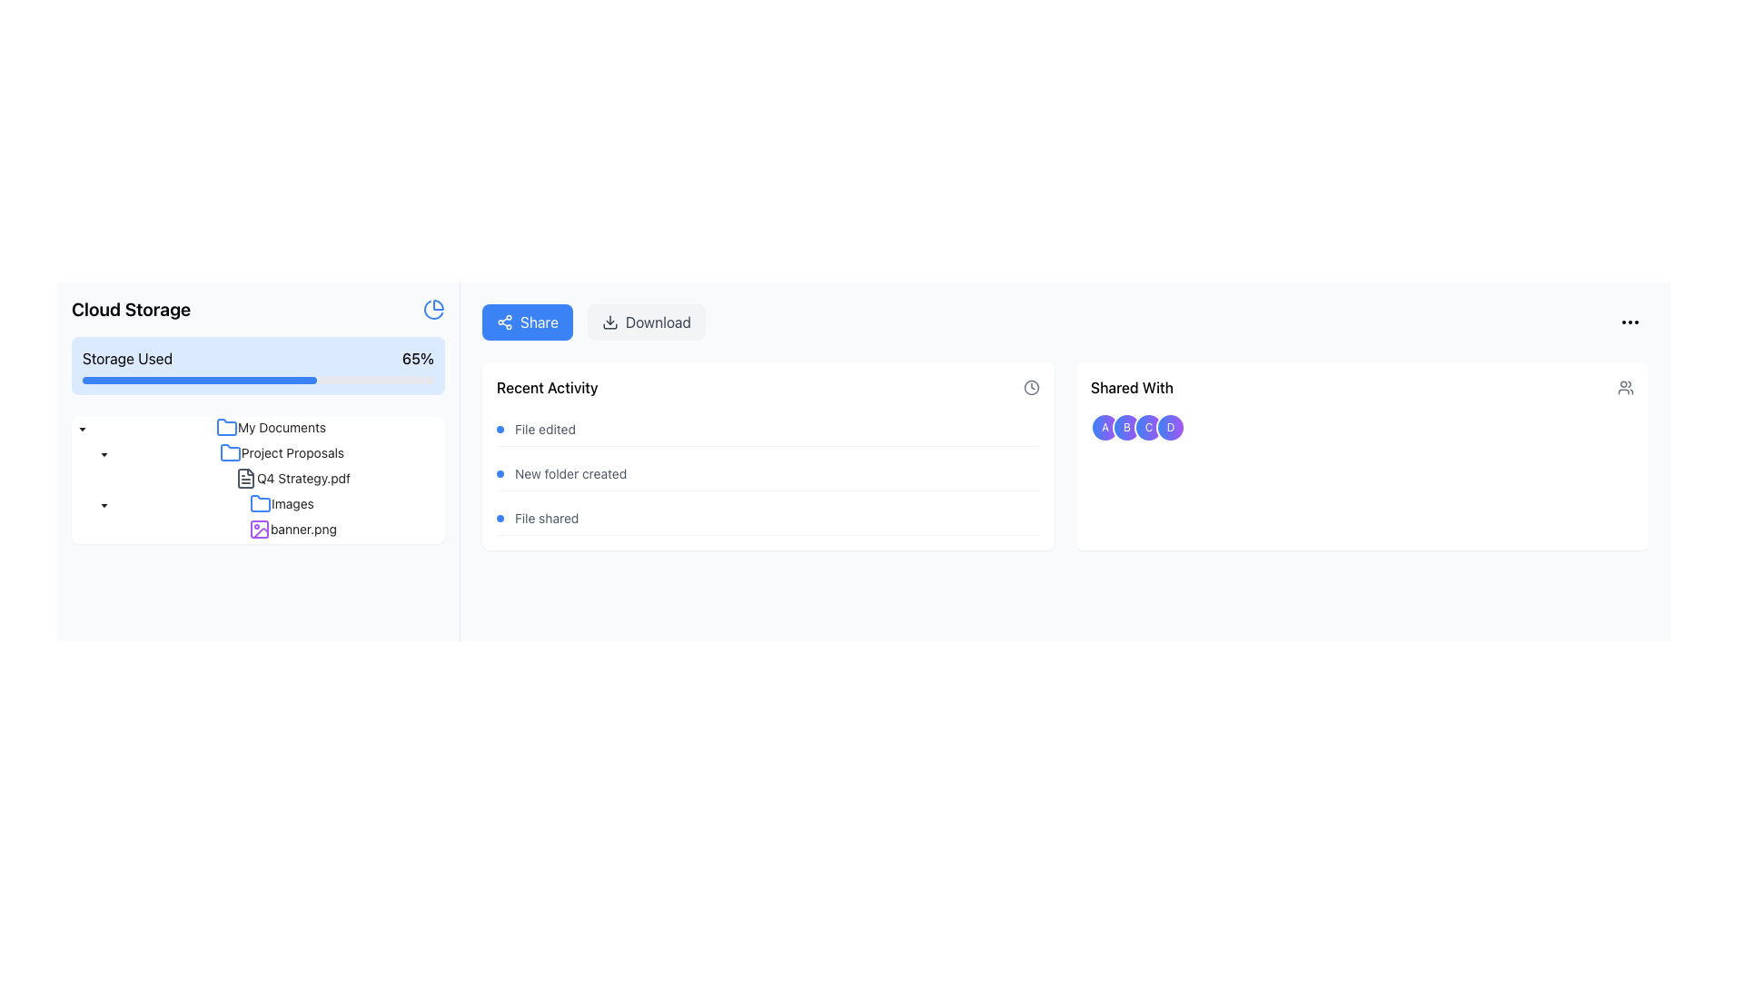  I want to click on the circular icon with a gradient background labeled 'C' in the 'Shared With' section for information, so click(1148, 427).